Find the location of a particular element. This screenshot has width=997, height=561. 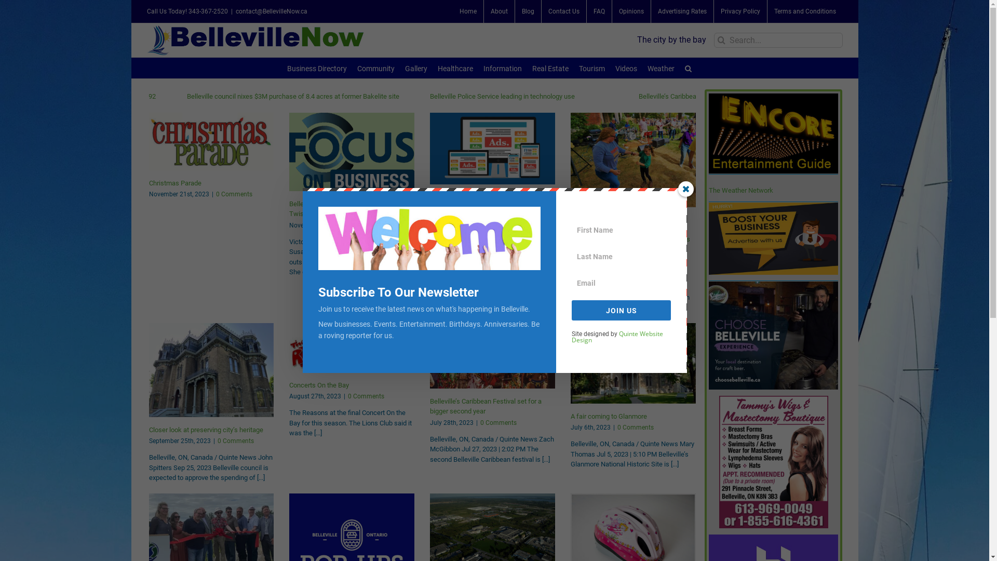

'contact@BellevilleNow.ca' is located at coordinates (272, 11).